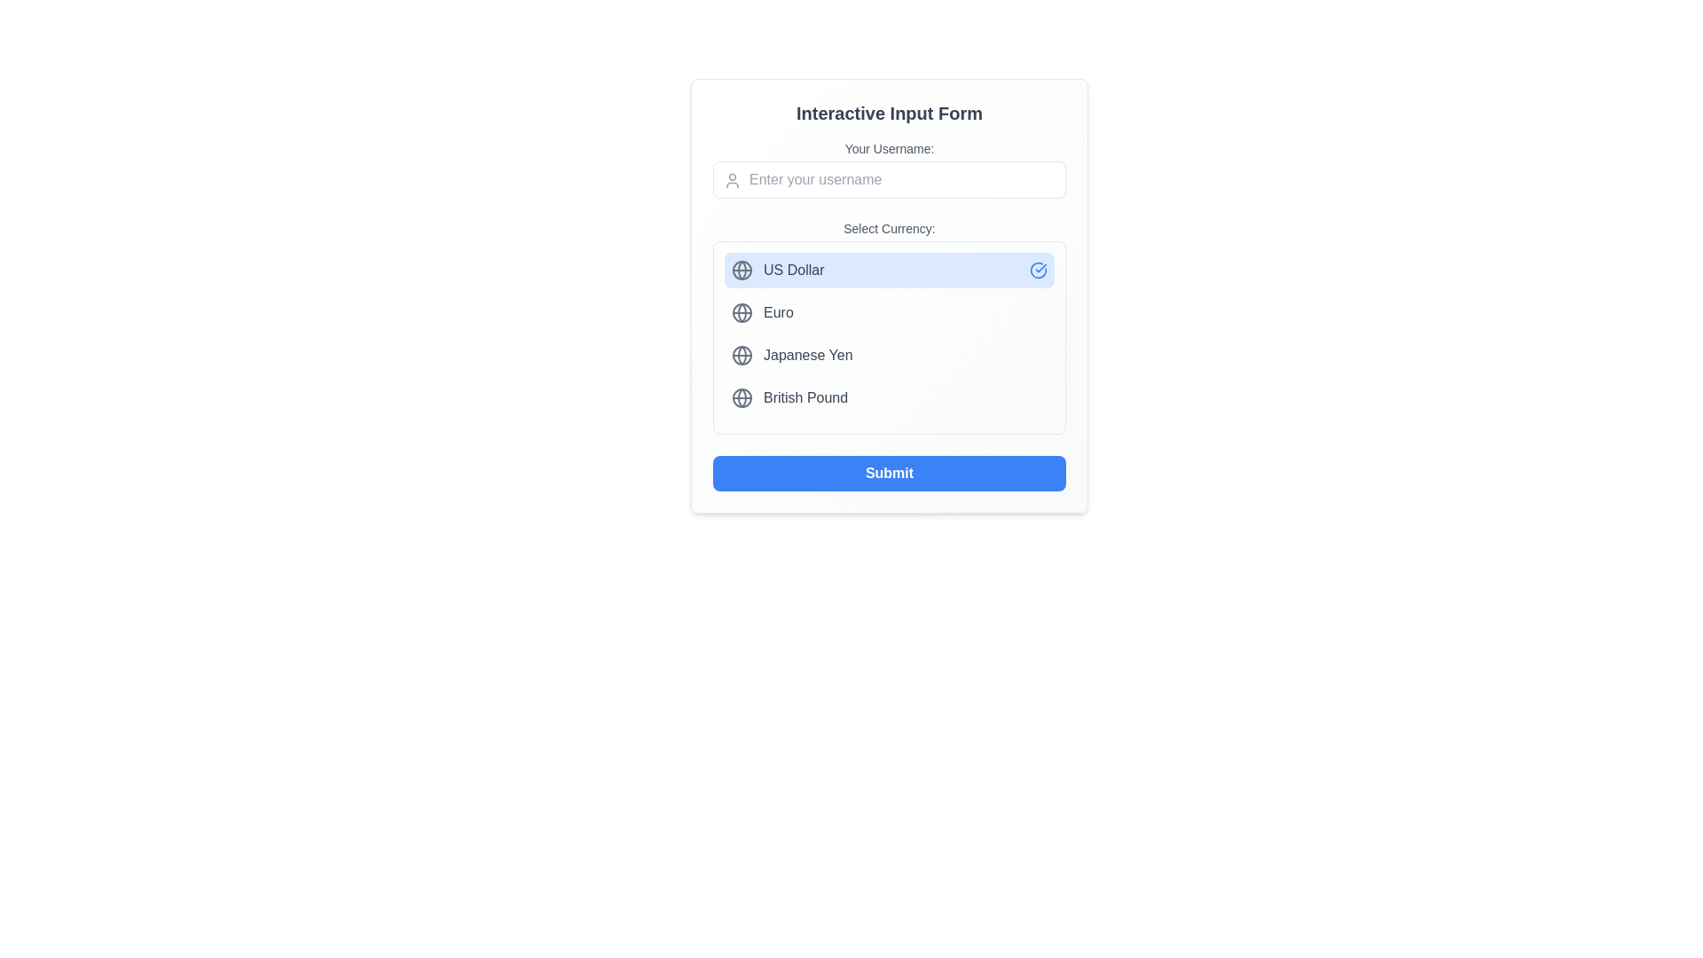  Describe the element at coordinates (778, 312) in the screenshot. I see `the 'Euro' text label styled in medium-weight gray font located to the right of a globe icon in the dropdown menu under 'Select Currency'` at that location.